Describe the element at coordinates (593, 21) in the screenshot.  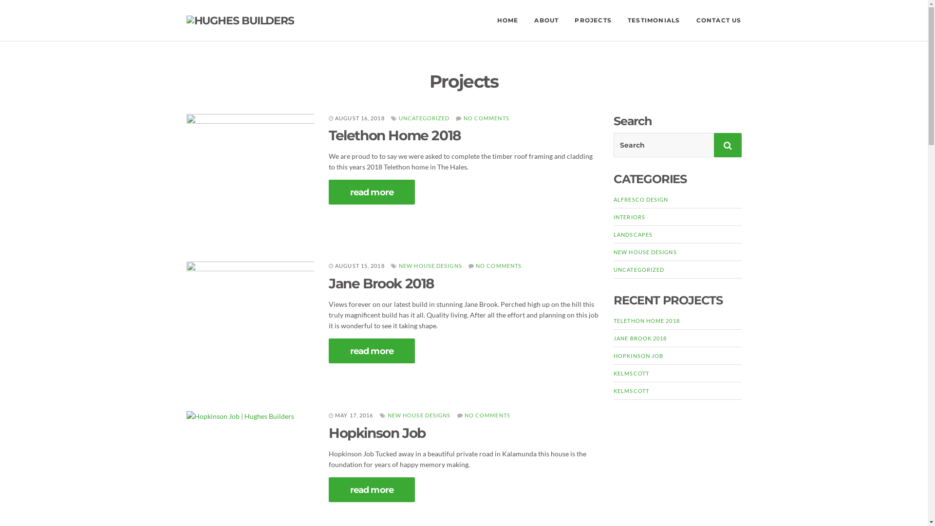
I see `'PROJECTS'` at that location.